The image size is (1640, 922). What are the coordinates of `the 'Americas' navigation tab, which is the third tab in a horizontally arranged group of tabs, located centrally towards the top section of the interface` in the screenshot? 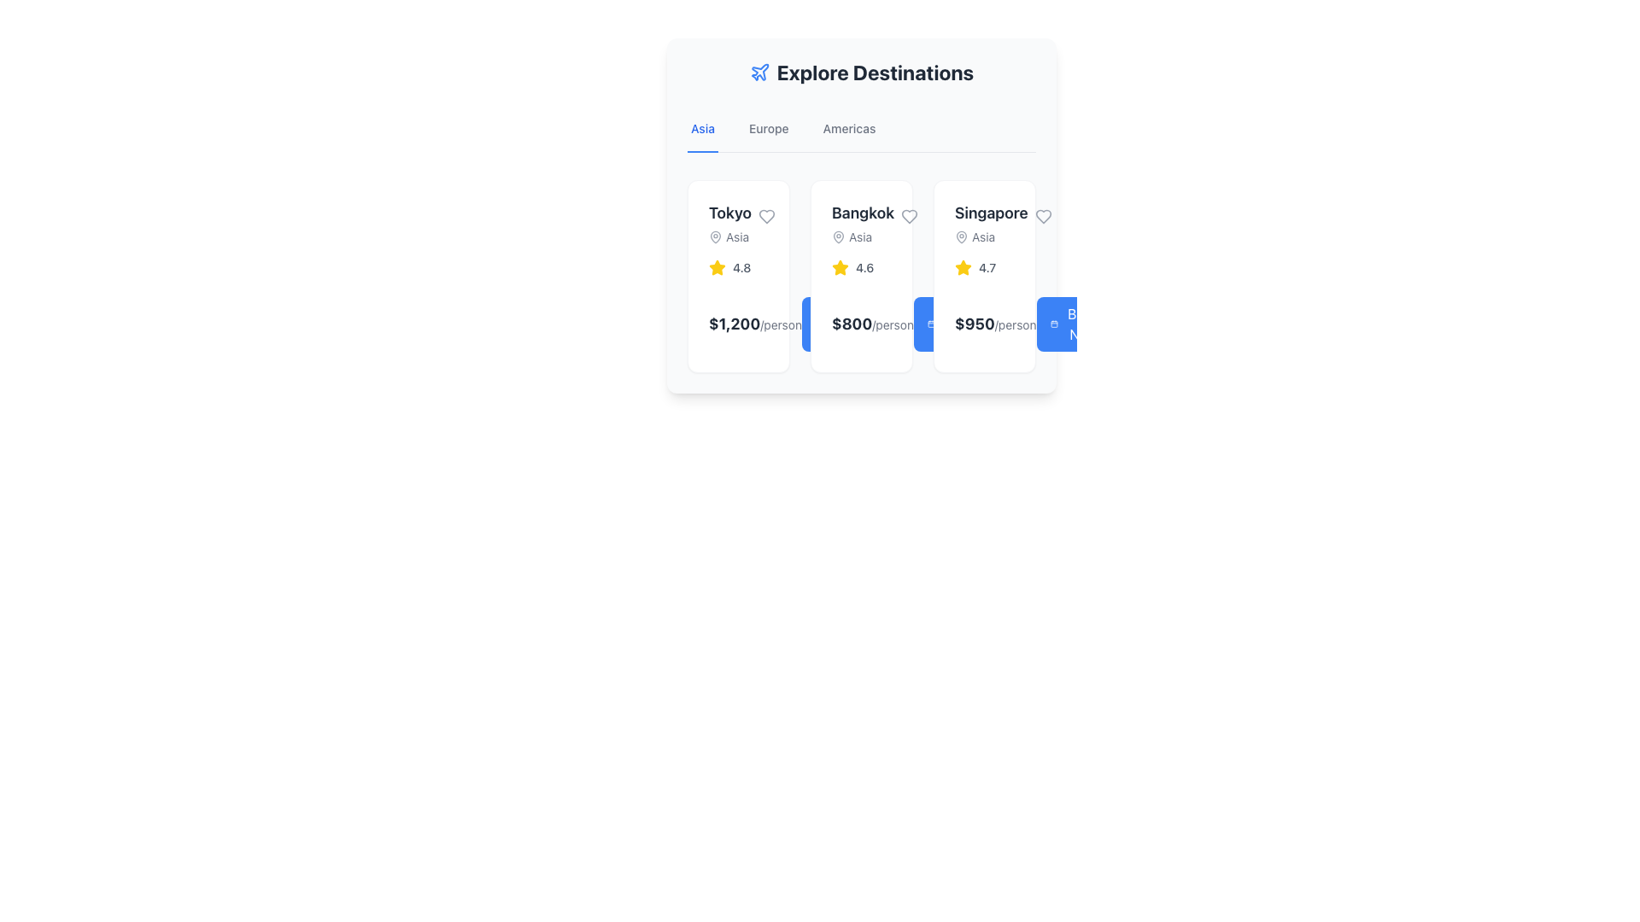 It's located at (849, 128).